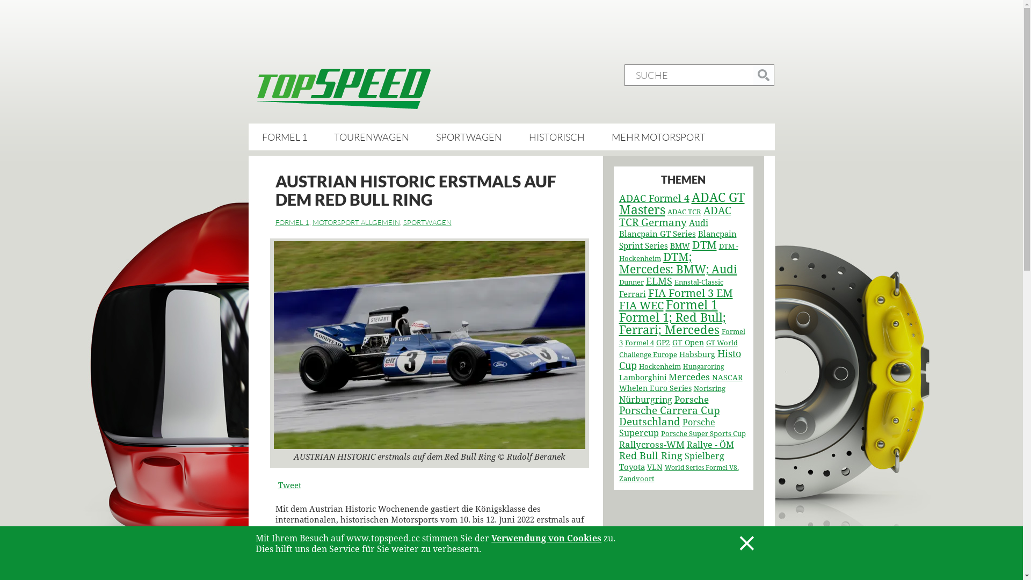 This screenshot has width=1031, height=580. What do you see at coordinates (698, 222) in the screenshot?
I see `'Audi'` at bounding box center [698, 222].